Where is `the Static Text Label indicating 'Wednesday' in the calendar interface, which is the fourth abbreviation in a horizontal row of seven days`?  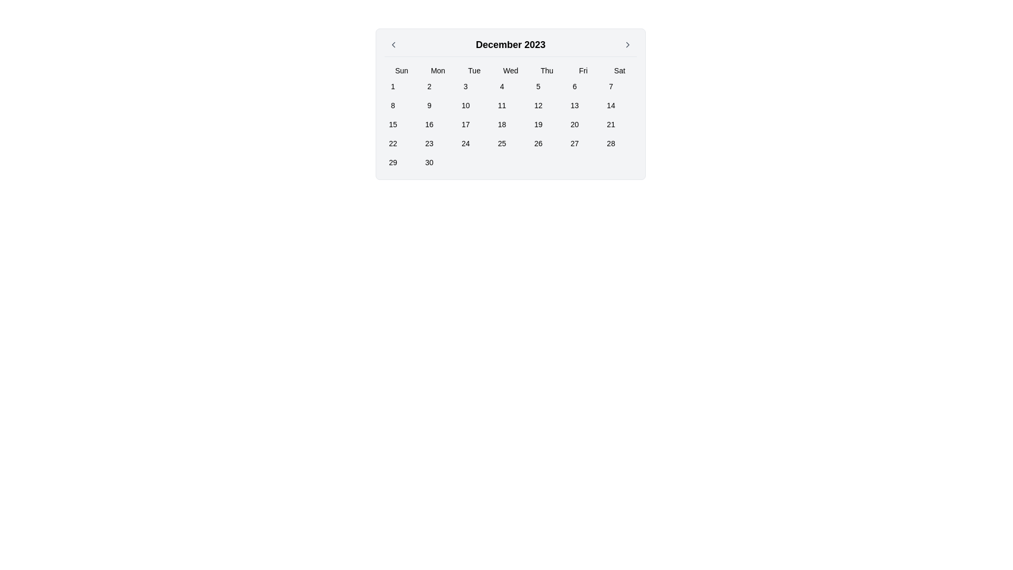 the Static Text Label indicating 'Wednesday' in the calendar interface, which is the fourth abbreviation in a horizontal row of seven days is located at coordinates (511, 71).